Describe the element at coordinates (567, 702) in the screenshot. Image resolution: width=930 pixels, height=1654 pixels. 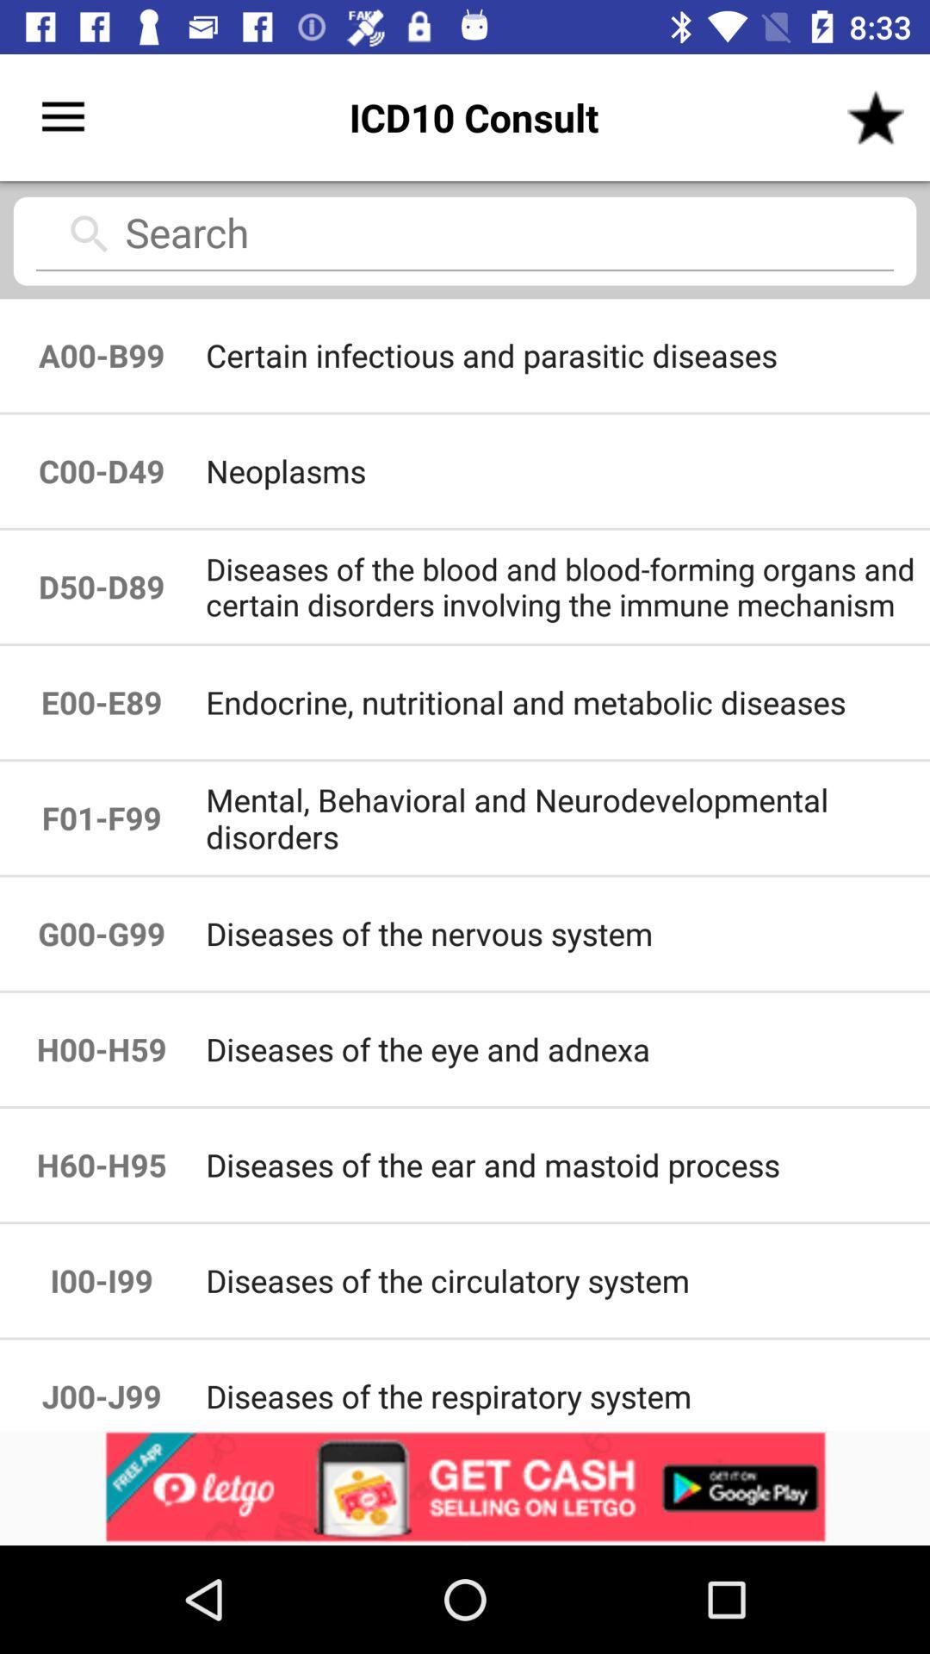
I see `item next to d50-d89 icon` at that location.